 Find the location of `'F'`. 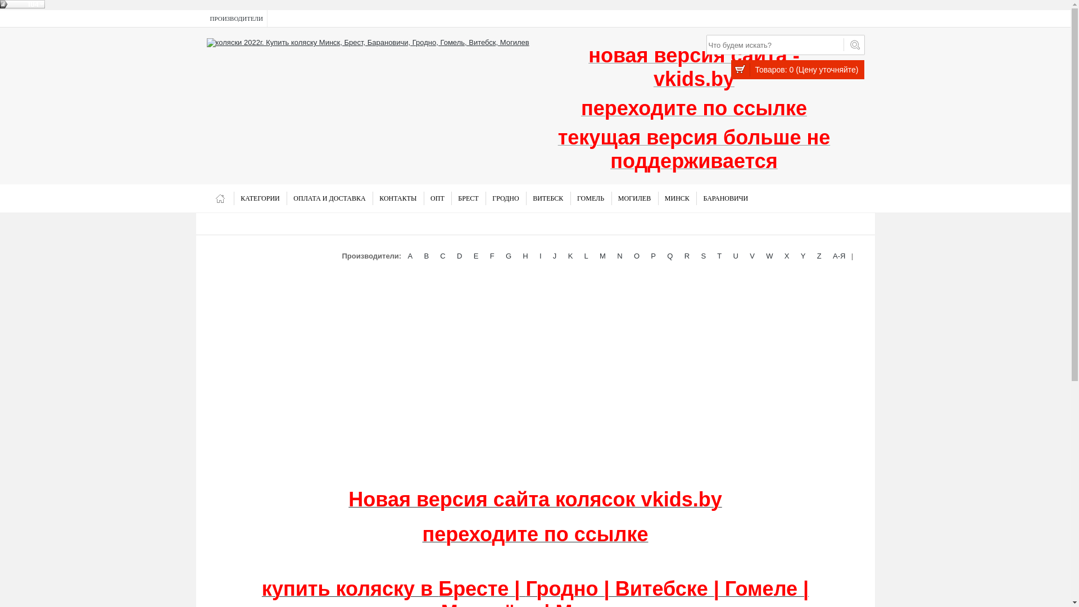

'F' is located at coordinates (487, 256).